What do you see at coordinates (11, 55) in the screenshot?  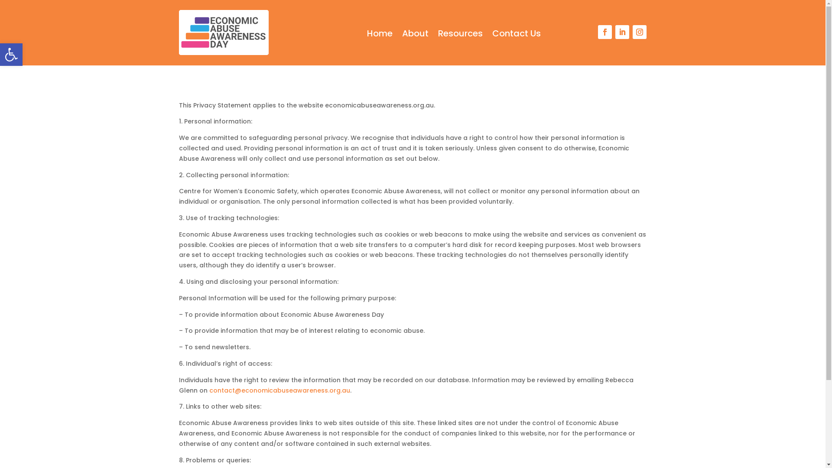 I see `'Open toolbar` at bounding box center [11, 55].